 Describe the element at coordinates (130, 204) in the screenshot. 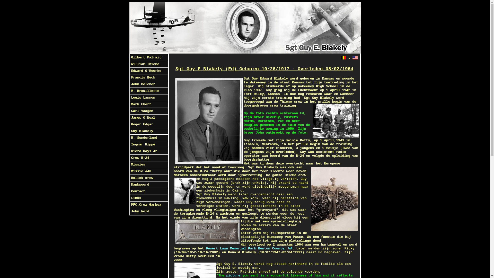

I see `'PFC.Cruz Gamboa'` at that location.